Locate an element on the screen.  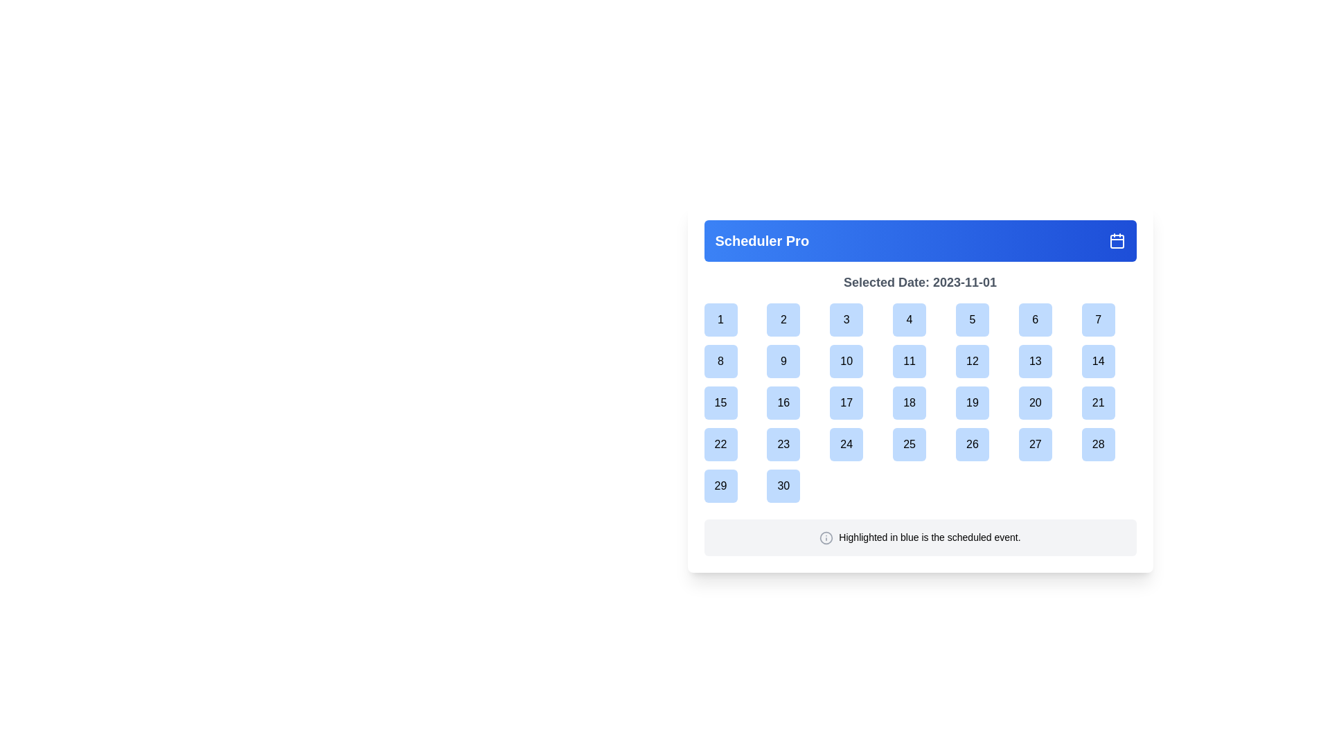
the tooltip indicating no events are scheduled for the 26th, located directly below the calendar cell of the 26th day is located at coordinates (984, 472).